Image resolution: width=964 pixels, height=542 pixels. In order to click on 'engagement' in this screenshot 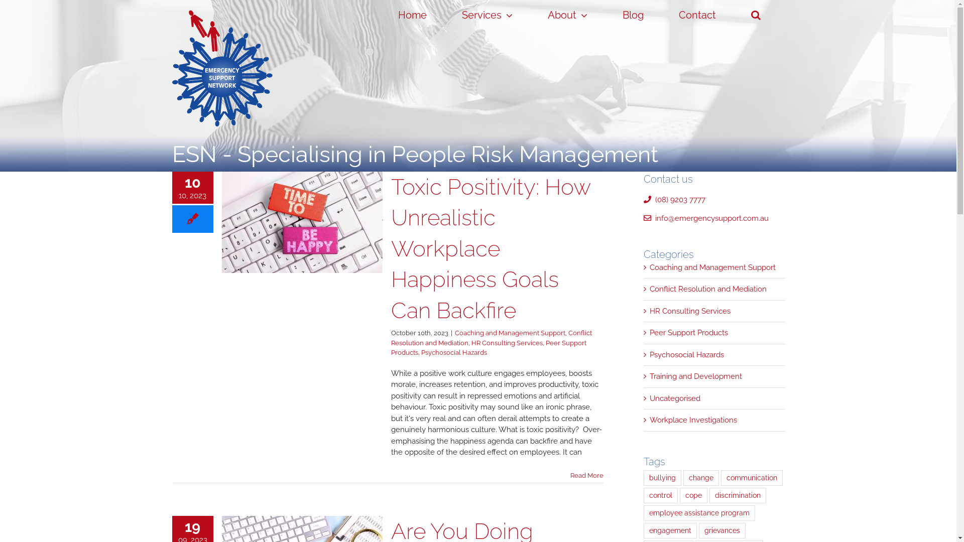, I will do `click(670, 530)`.